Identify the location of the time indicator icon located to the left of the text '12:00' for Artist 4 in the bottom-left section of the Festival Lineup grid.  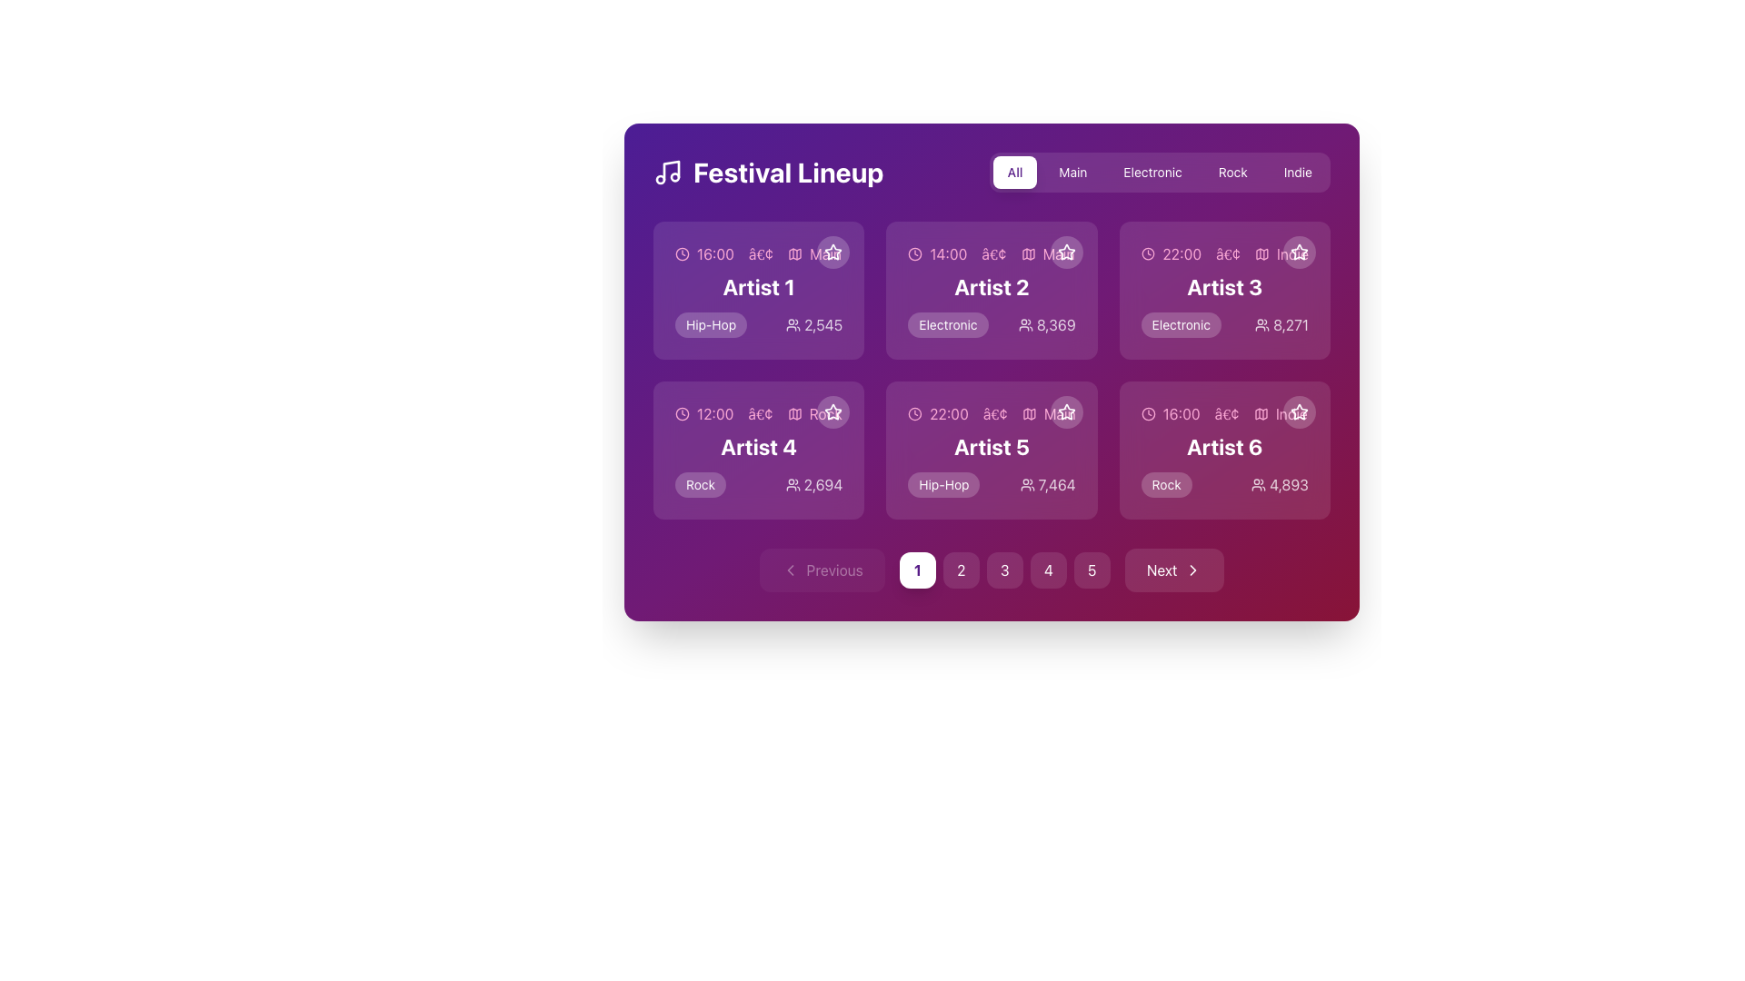
(681, 413).